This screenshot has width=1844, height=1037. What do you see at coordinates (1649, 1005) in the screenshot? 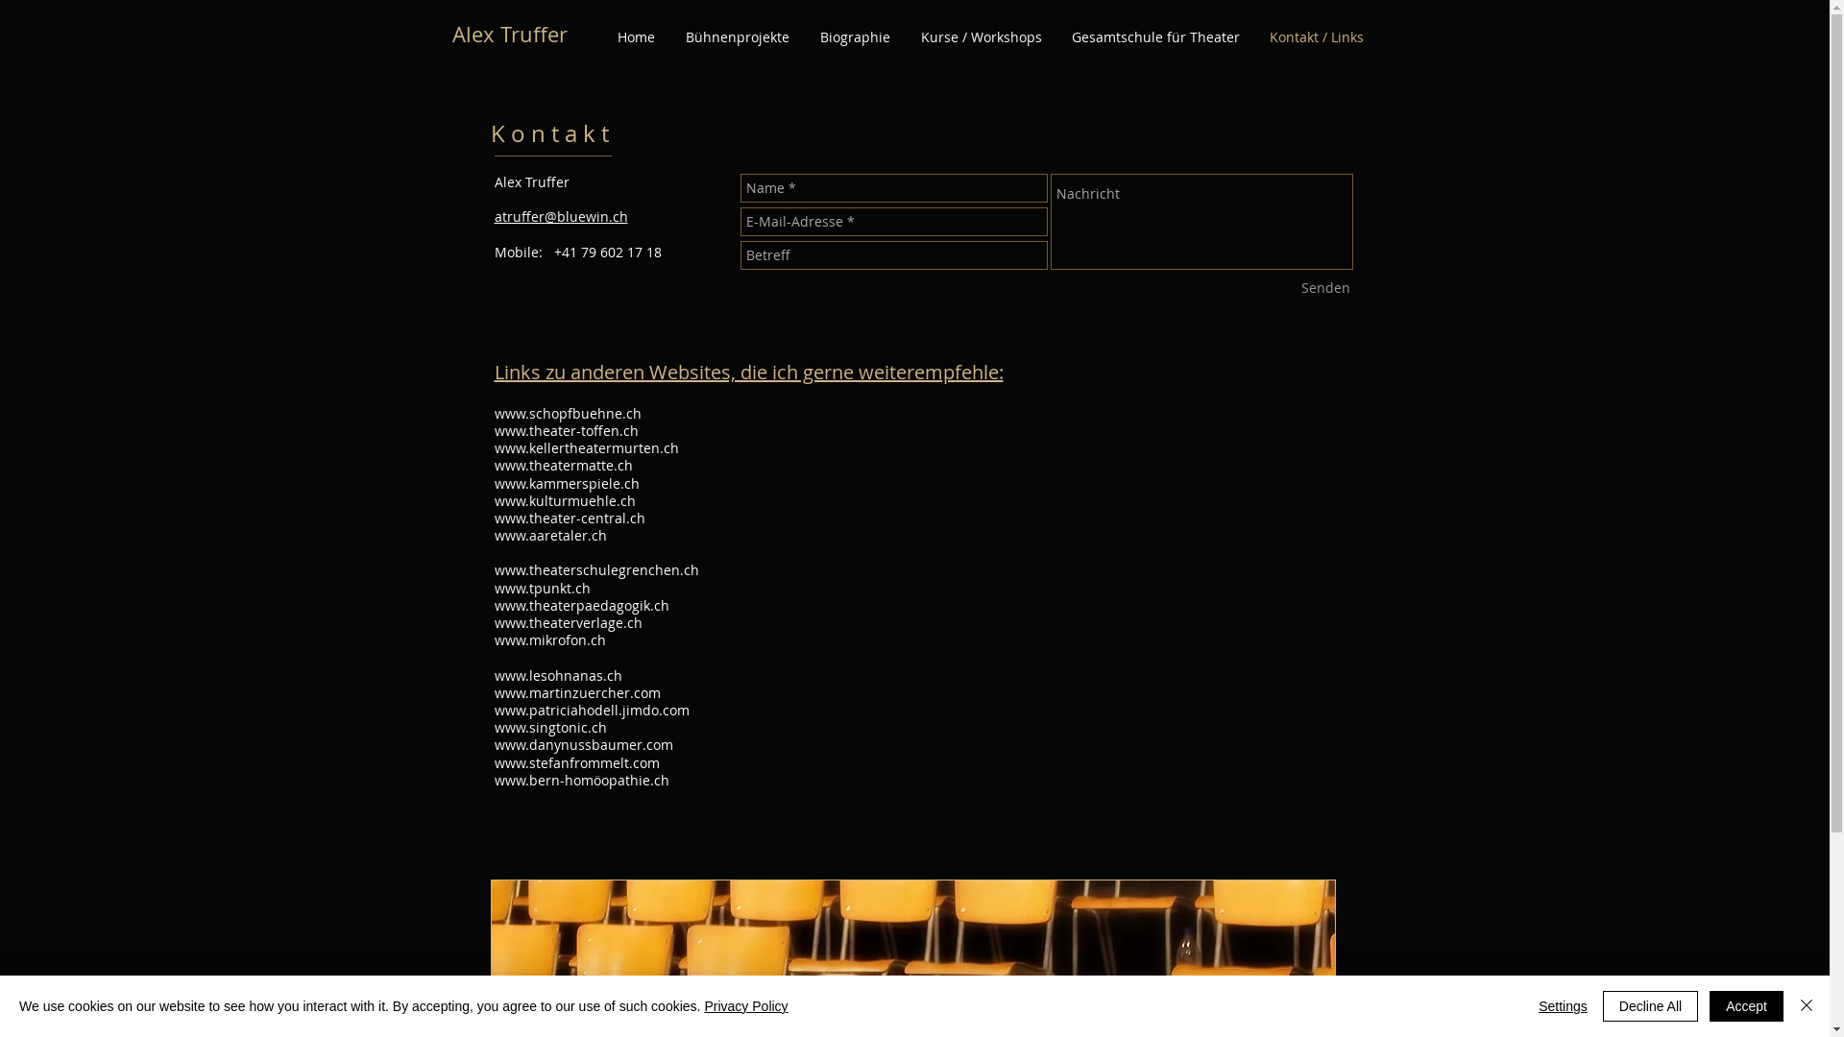
I see `'Decline All'` at bounding box center [1649, 1005].